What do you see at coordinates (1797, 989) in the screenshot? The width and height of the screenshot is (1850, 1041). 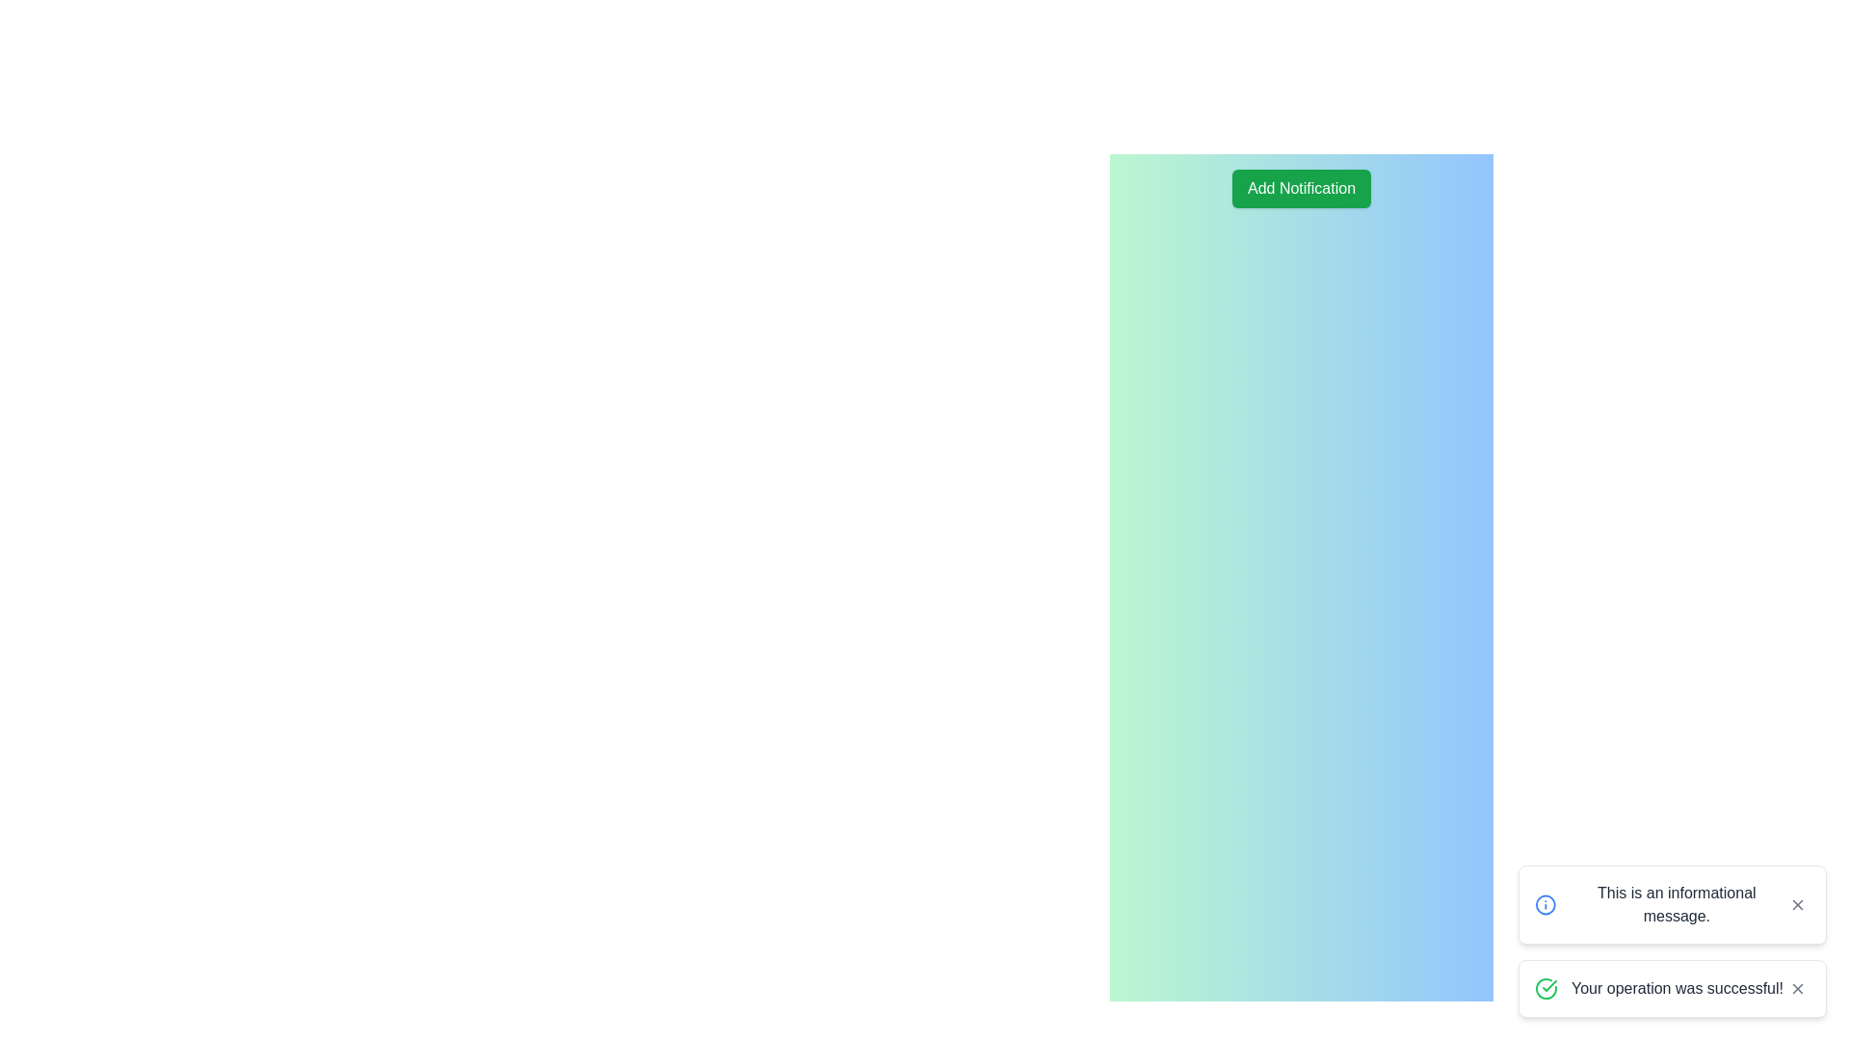 I see `the close button located in the bottom right notification panel, adjacent to the message 'Your operation was successful!'` at bounding box center [1797, 989].